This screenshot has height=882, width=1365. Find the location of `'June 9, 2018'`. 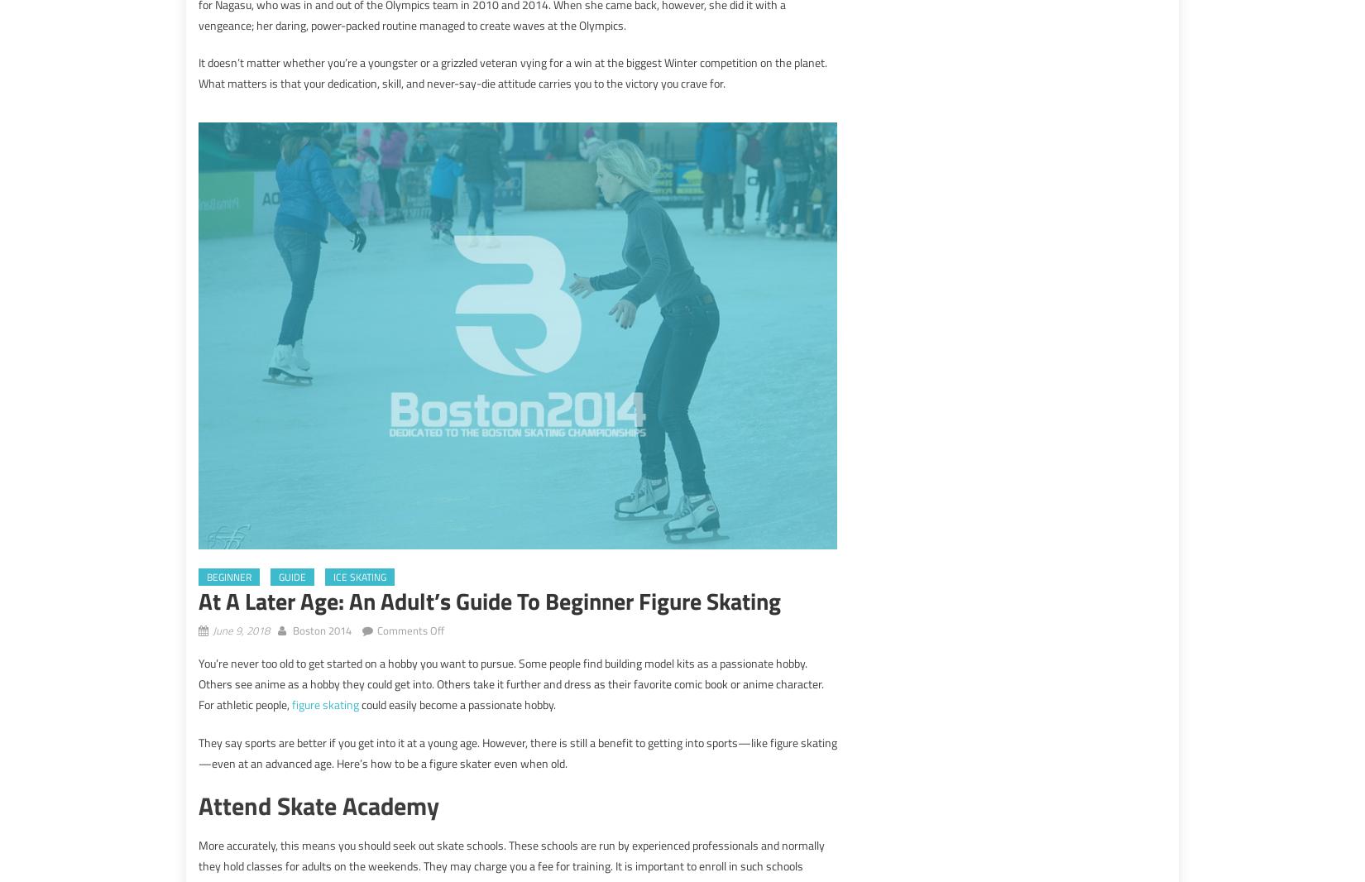

'June 9, 2018' is located at coordinates (241, 629).